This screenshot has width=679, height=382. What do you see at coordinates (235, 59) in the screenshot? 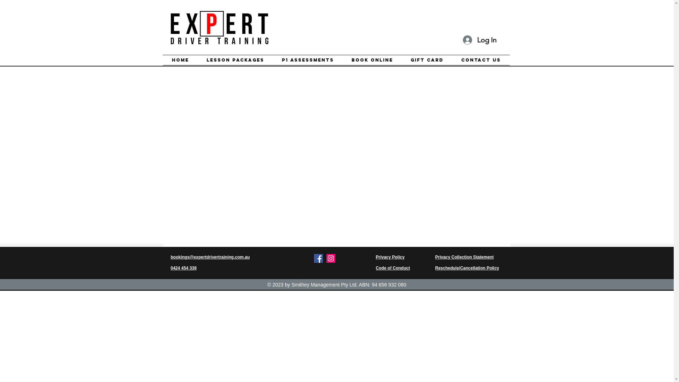
I see `'Lesson Packages'` at bounding box center [235, 59].